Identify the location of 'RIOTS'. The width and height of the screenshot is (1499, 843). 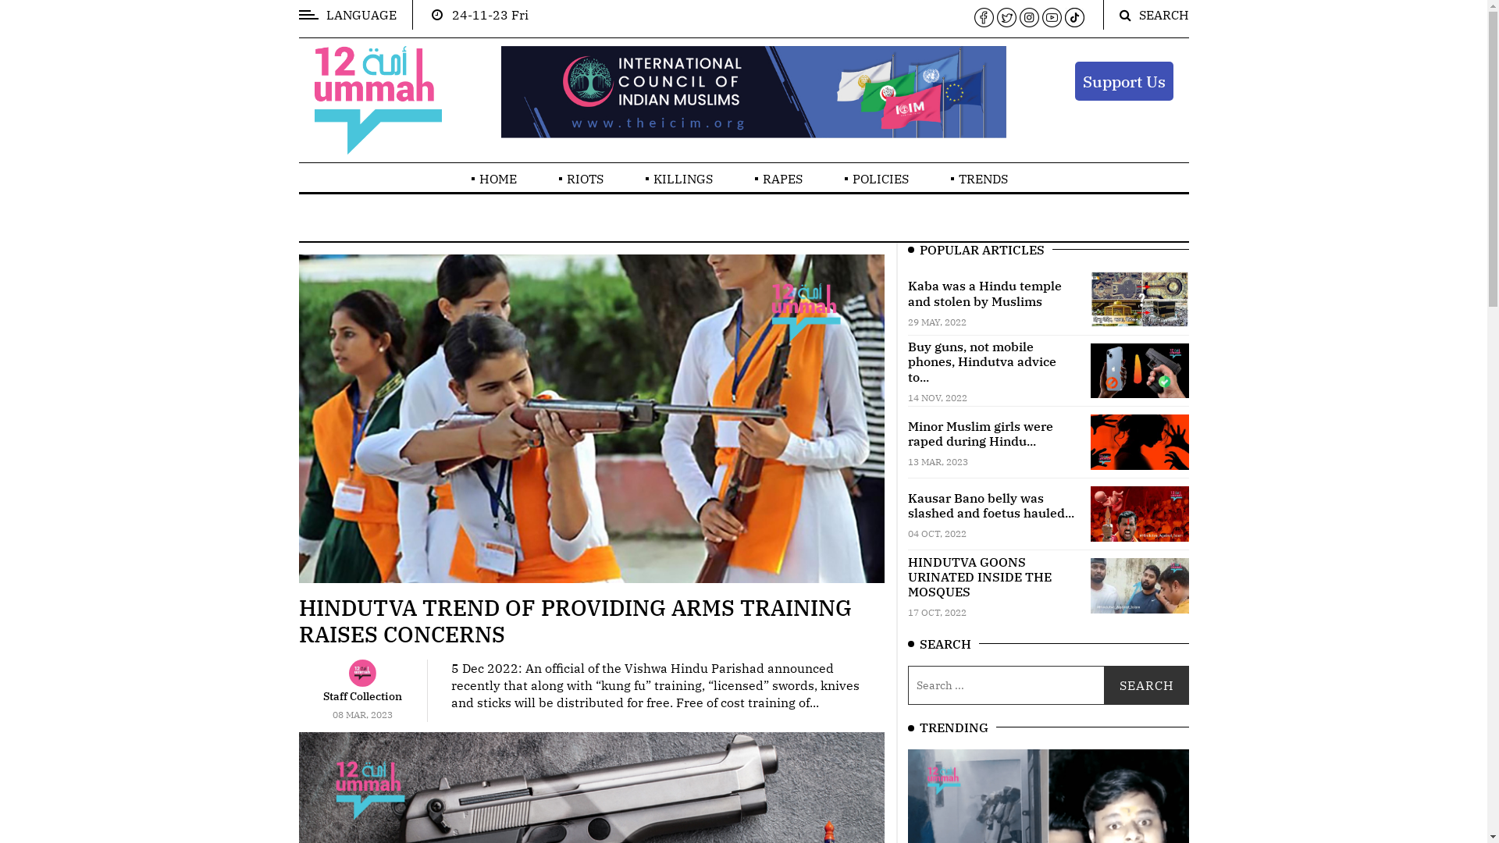
(565, 177).